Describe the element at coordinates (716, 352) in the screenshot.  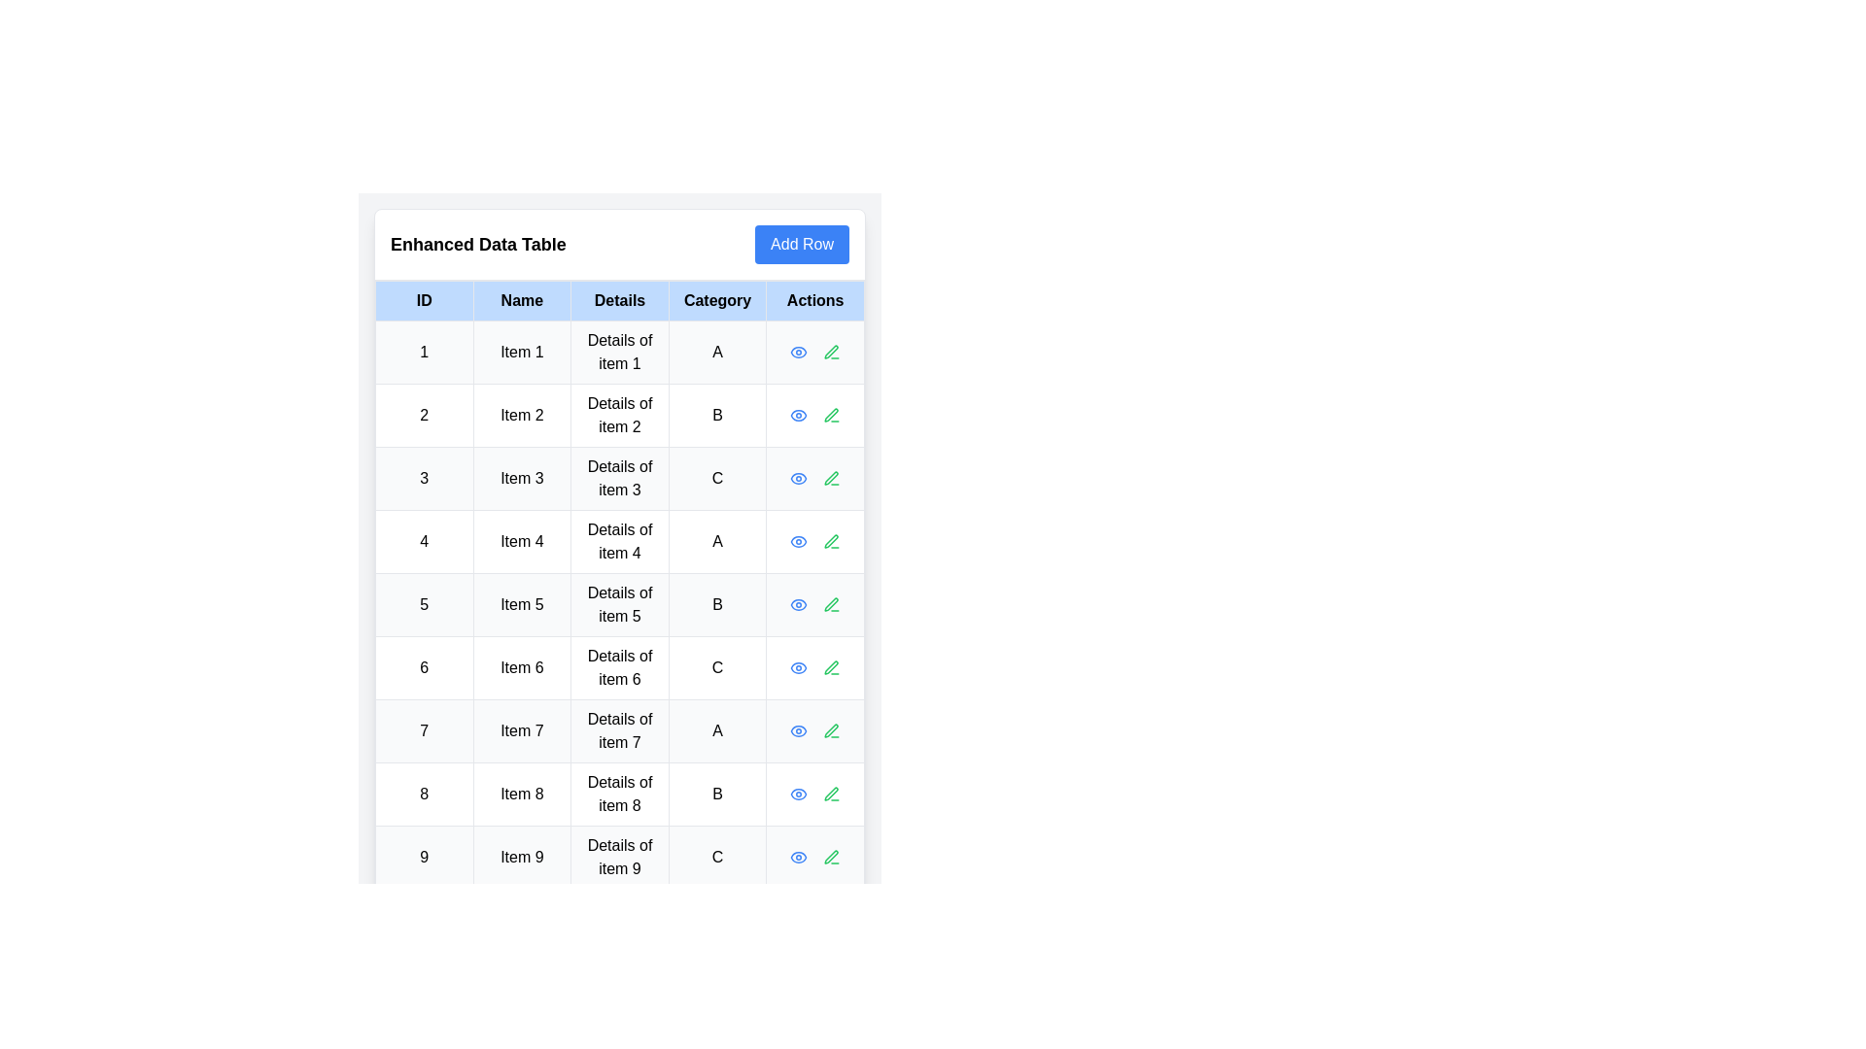
I see `the table cell containing the bold uppercase letter 'A' in the 'Category' column, located in the first row` at that location.